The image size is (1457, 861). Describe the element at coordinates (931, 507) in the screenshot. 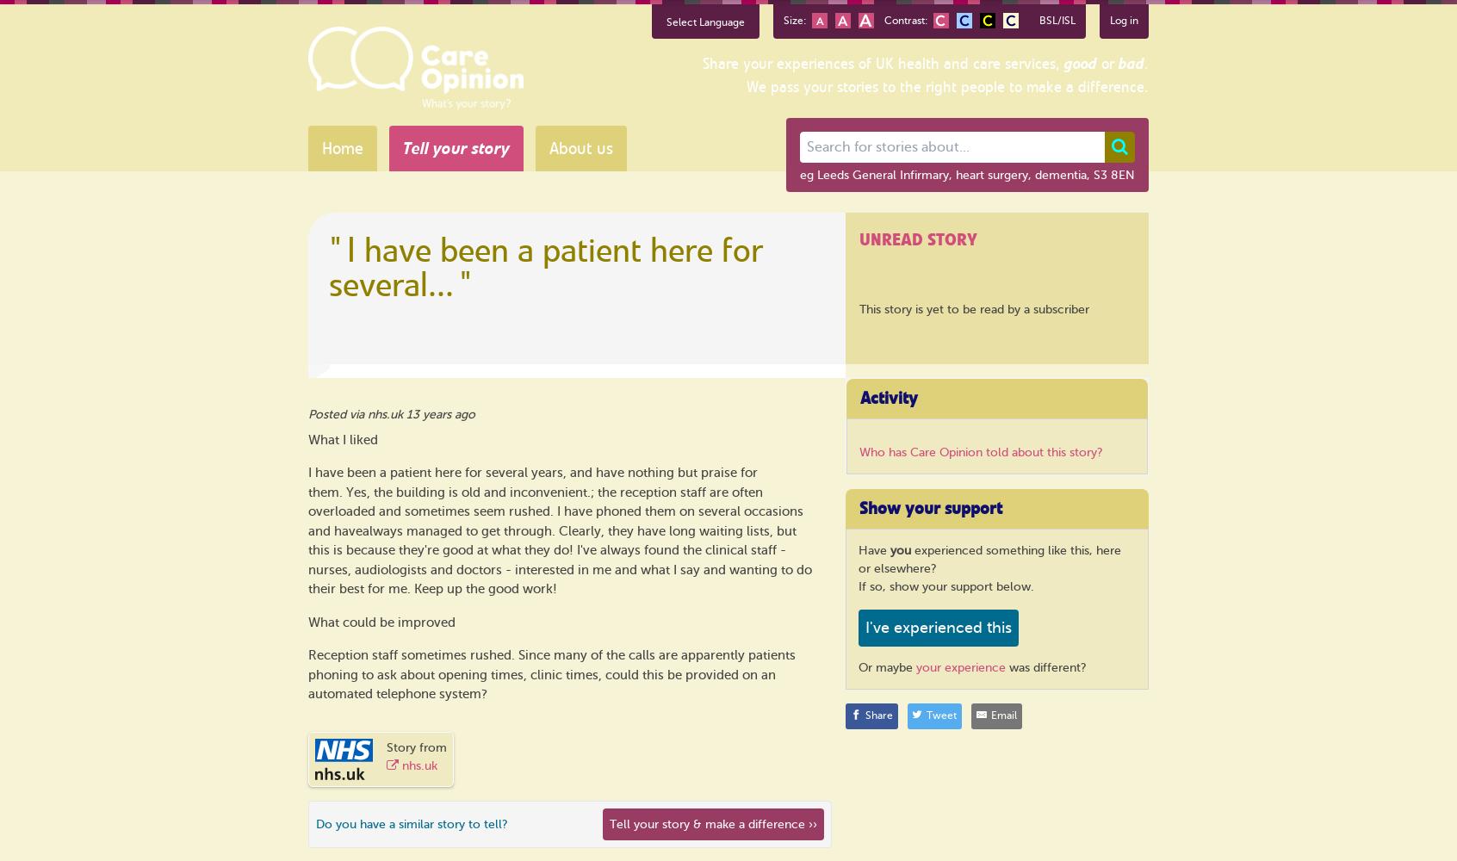

I see `'Show your support'` at that location.